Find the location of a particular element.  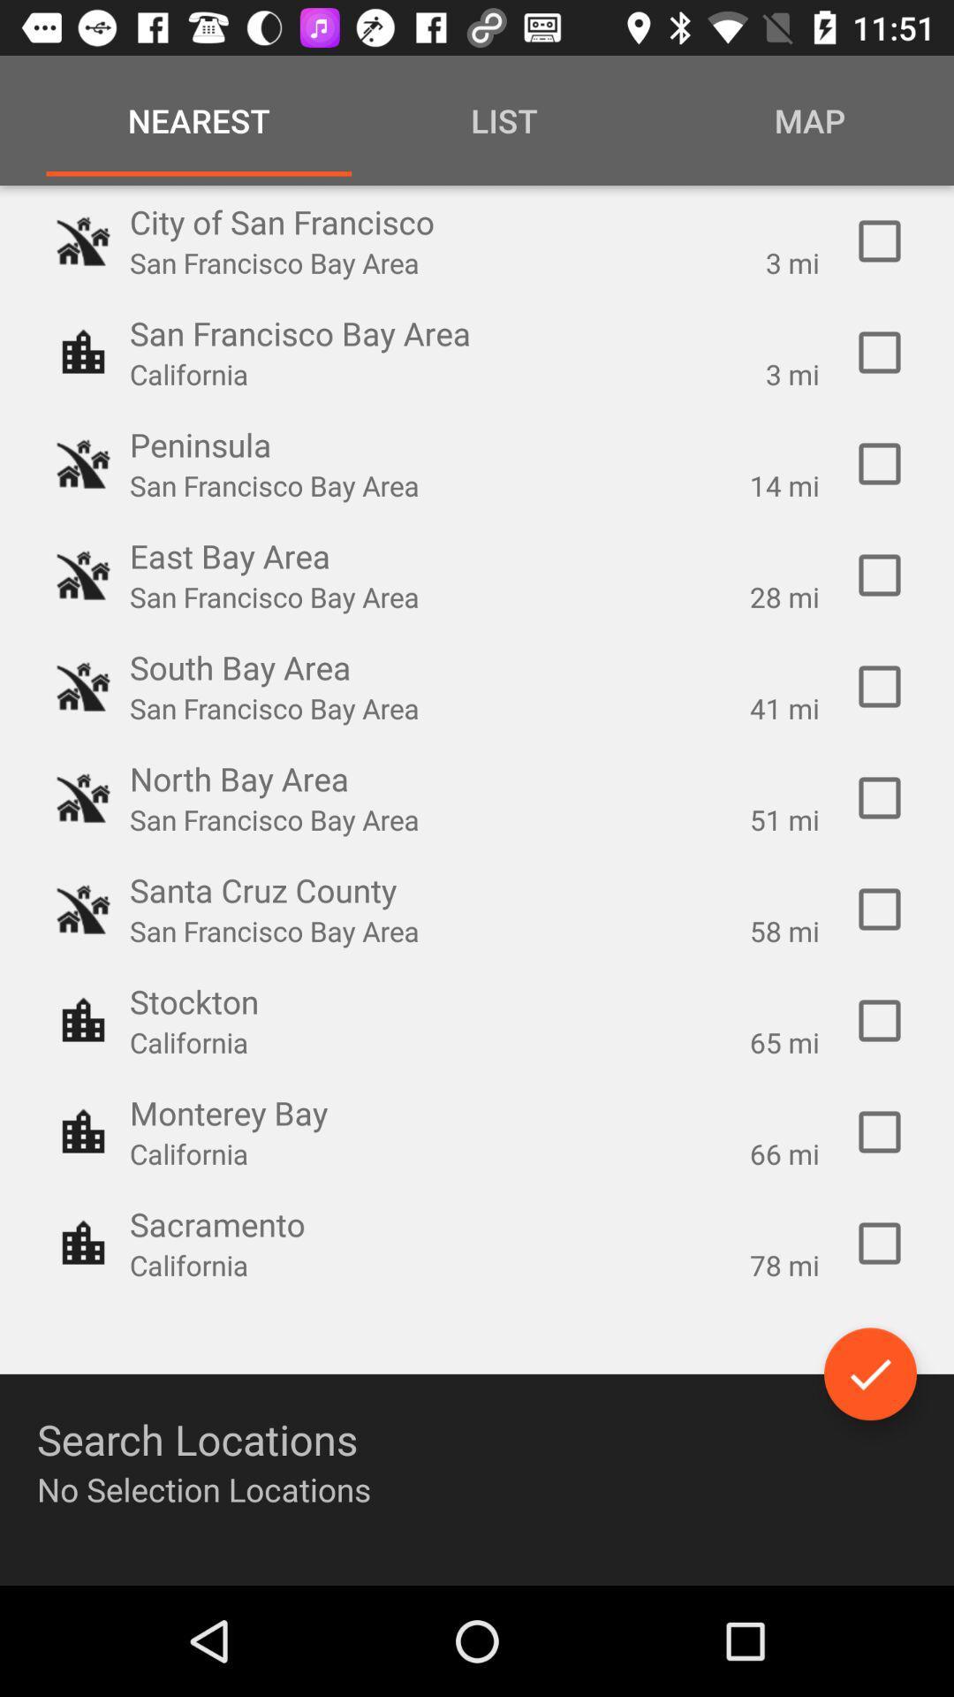

santa cruz county is located at coordinates (879, 909).